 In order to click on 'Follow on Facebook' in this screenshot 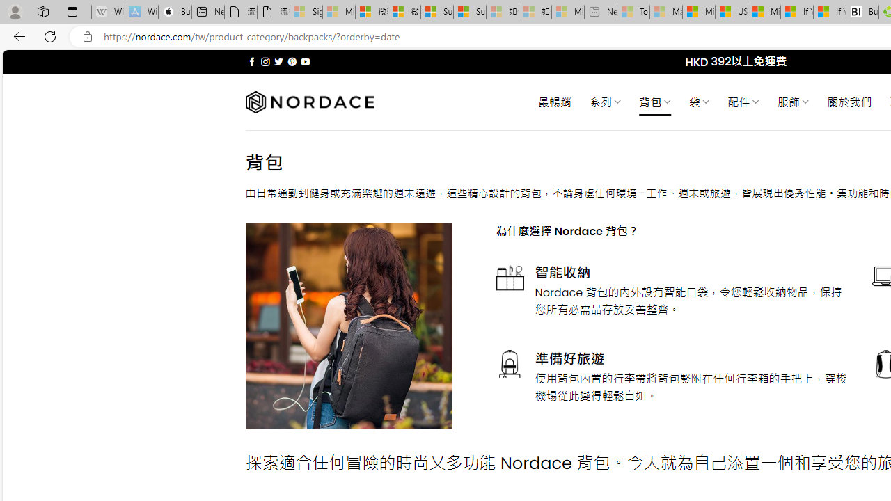, I will do `click(252, 61)`.